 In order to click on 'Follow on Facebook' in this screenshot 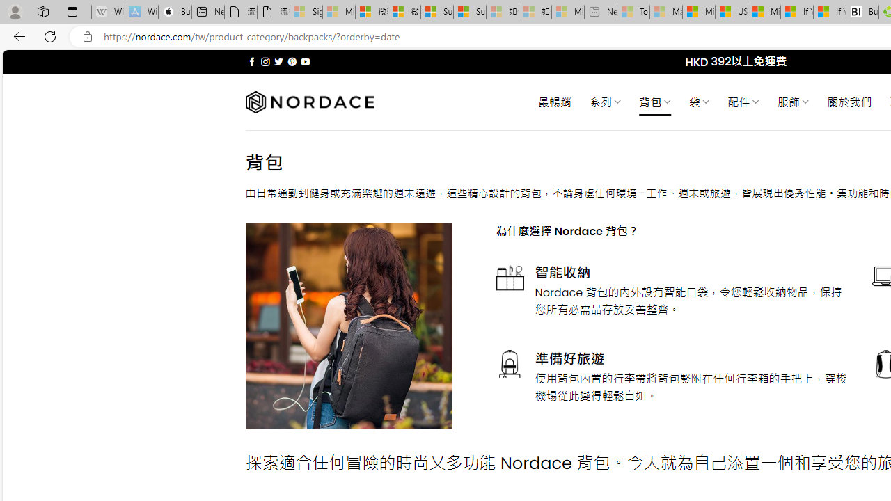, I will do `click(252, 61)`.